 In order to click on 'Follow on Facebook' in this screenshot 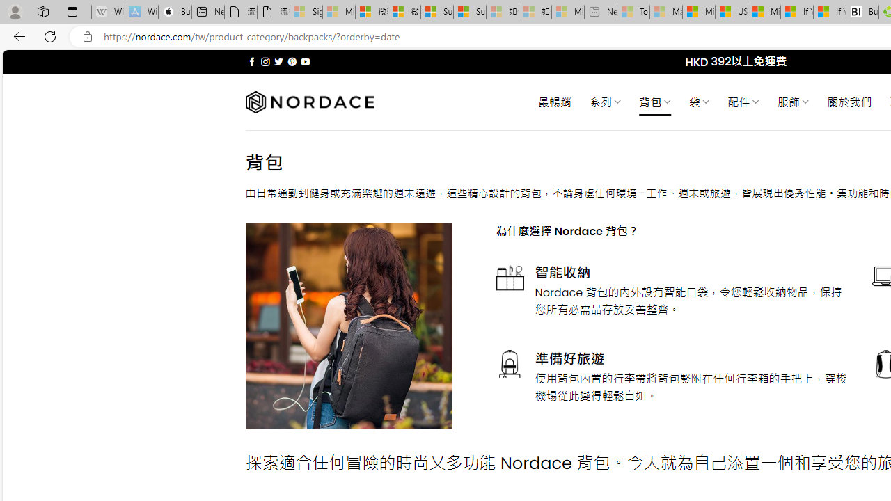, I will do `click(252, 61)`.